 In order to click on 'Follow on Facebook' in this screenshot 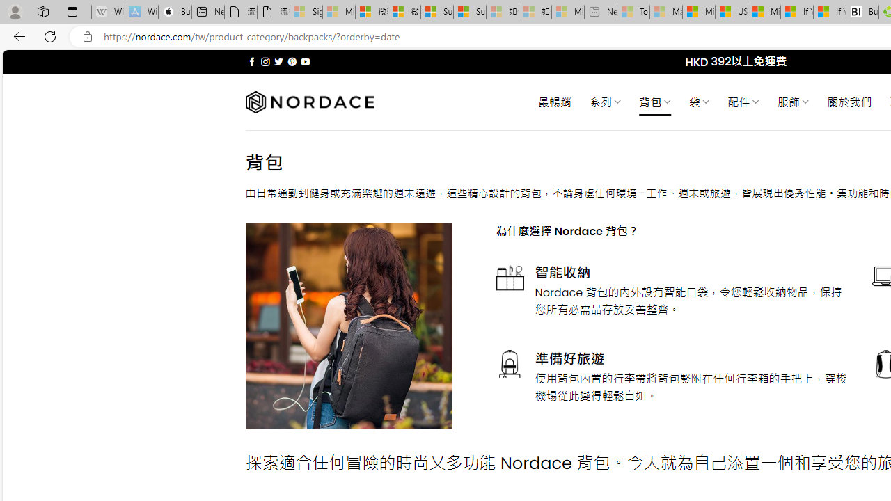, I will do `click(252, 61)`.